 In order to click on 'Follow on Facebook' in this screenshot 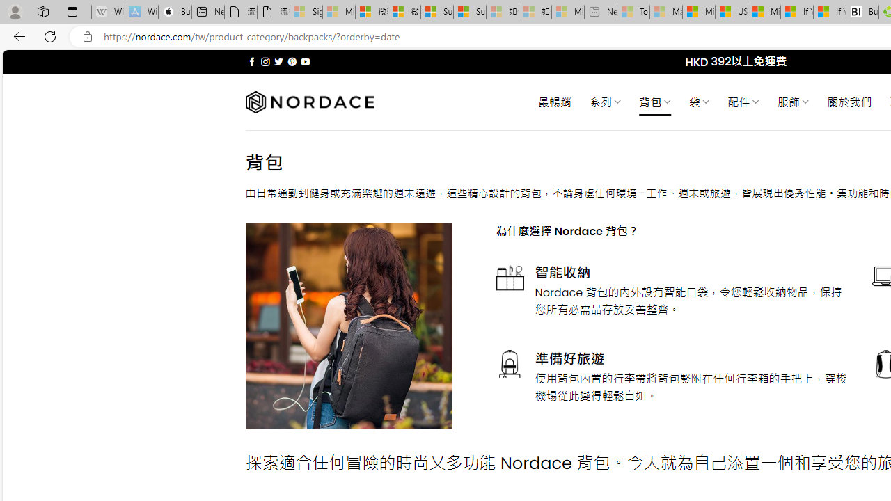, I will do `click(252, 61)`.